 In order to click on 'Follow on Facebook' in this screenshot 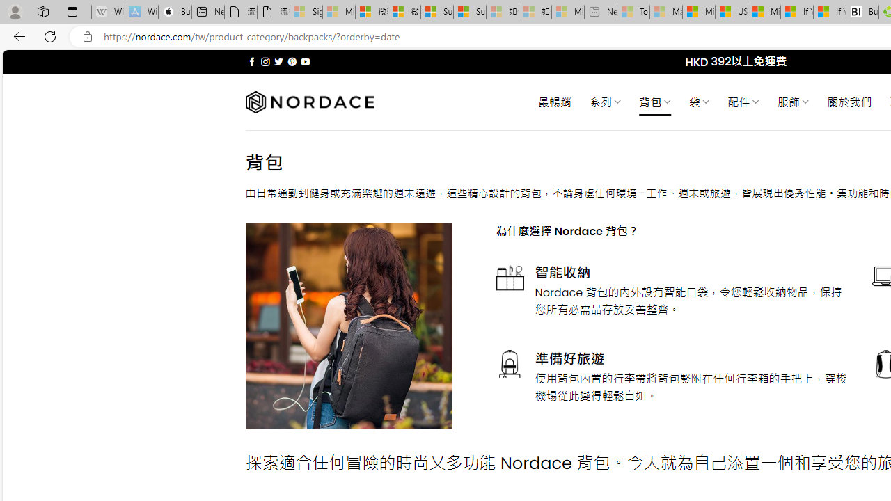, I will do `click(252, 61)`.